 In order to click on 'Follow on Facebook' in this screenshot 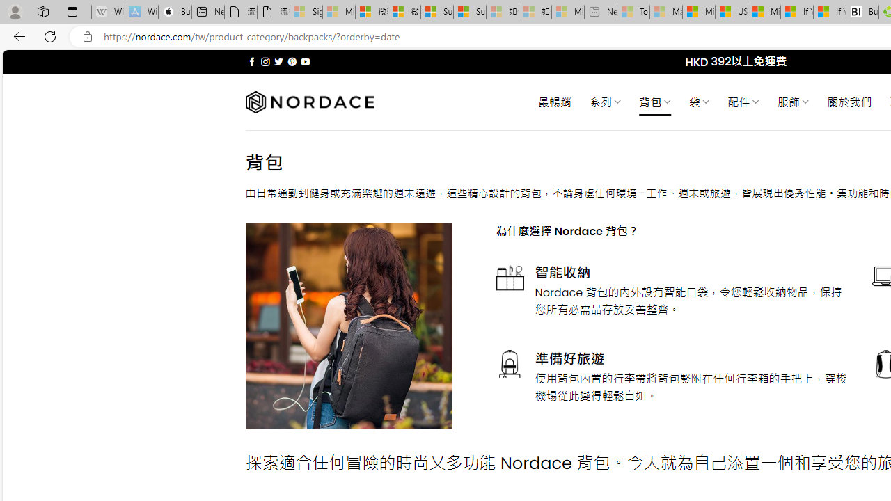, I will do `click(252, 61)`.